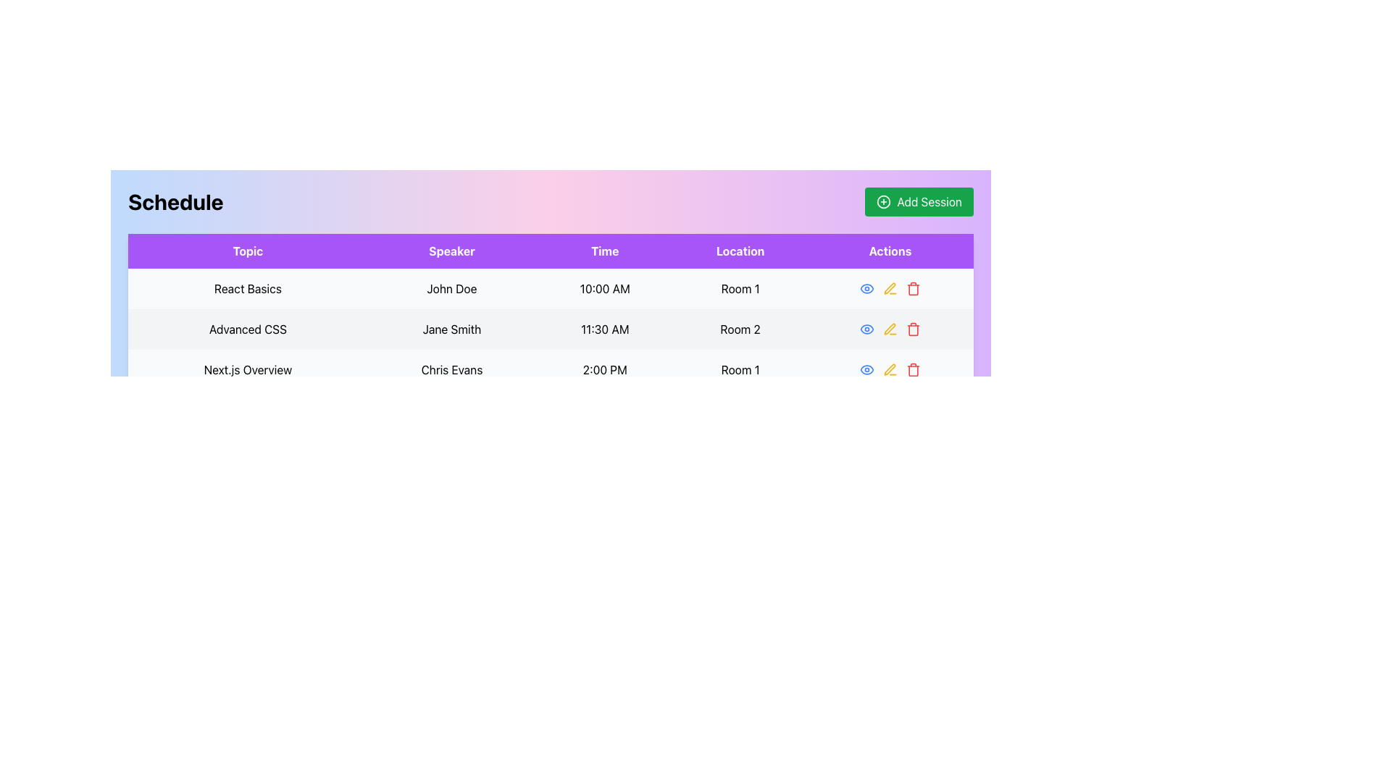 Image resolution: width=1391 pixels, height=782 pixels. Describe the element at coordinates (248, 369) in the screenshot. I see `the text label reading 'Next.js Overview' located in the first column of the third row of the table` at that location.